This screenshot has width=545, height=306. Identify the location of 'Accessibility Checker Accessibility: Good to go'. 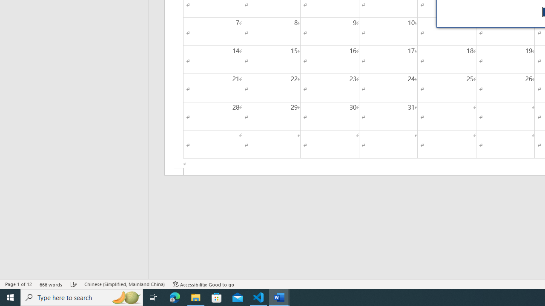
(203, 284).